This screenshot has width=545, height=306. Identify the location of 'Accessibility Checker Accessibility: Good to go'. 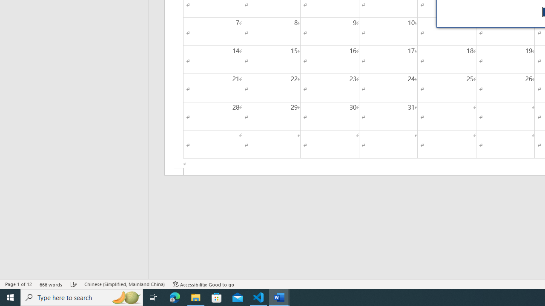
(203, 284).